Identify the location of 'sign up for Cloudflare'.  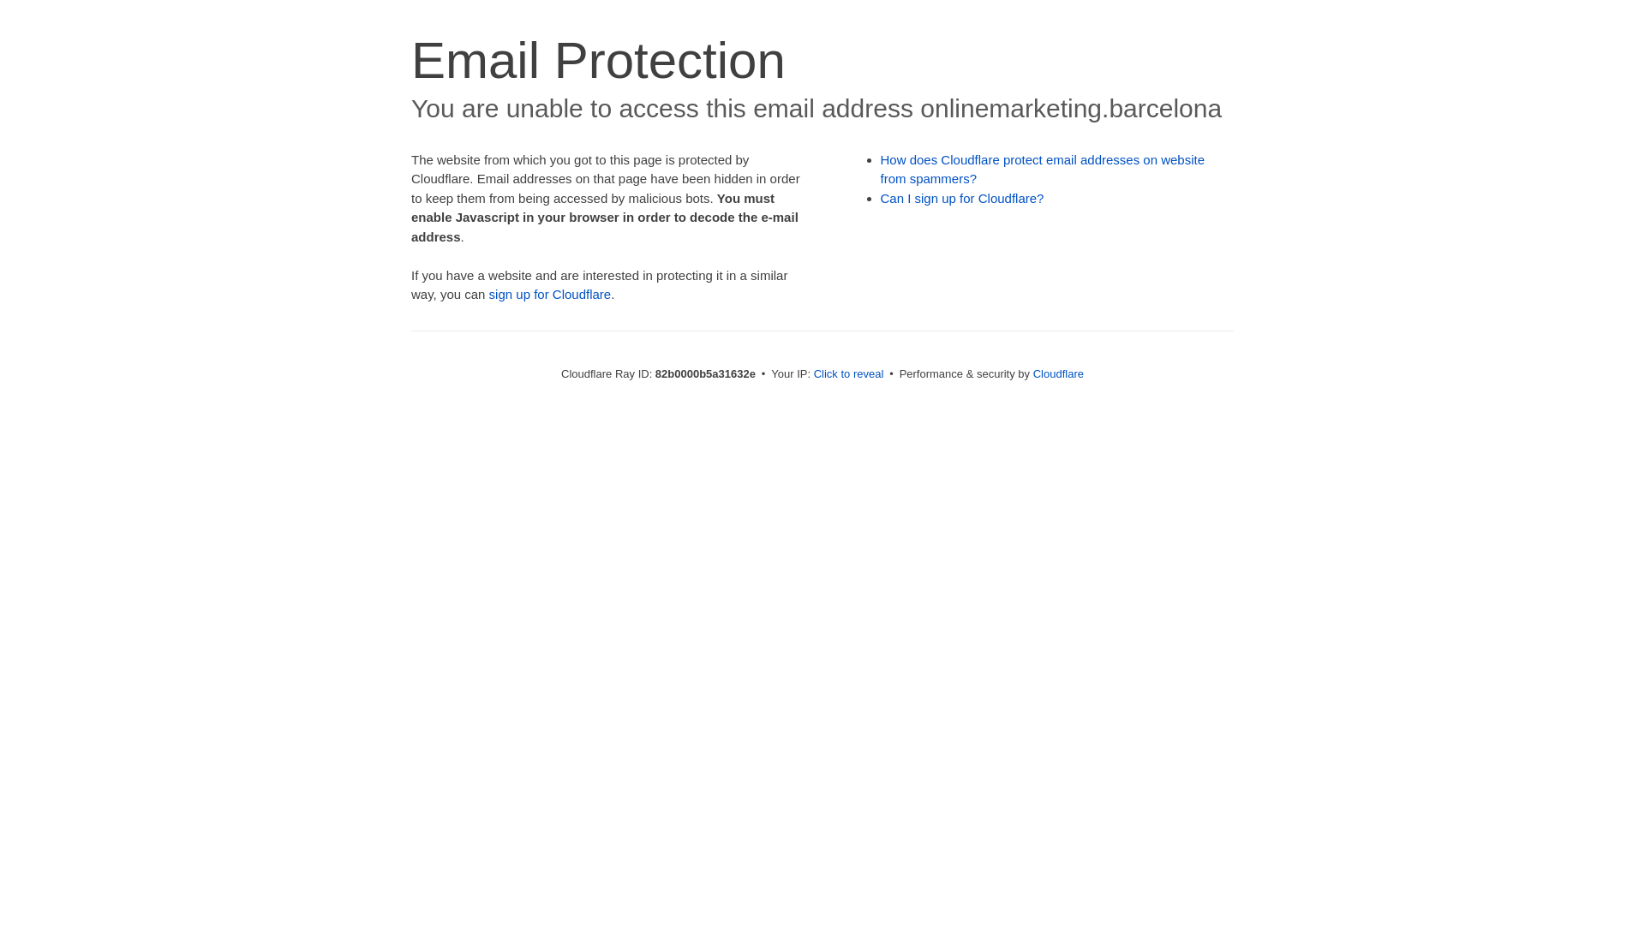
(488, 293).